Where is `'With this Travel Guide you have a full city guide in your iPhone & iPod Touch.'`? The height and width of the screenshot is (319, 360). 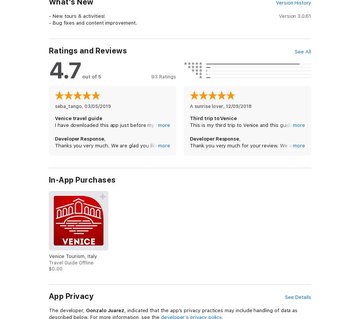
'With this Travel Guide you have a full city guide in your iPhone & iPod Touch.' is located at coordinates (49, 103).